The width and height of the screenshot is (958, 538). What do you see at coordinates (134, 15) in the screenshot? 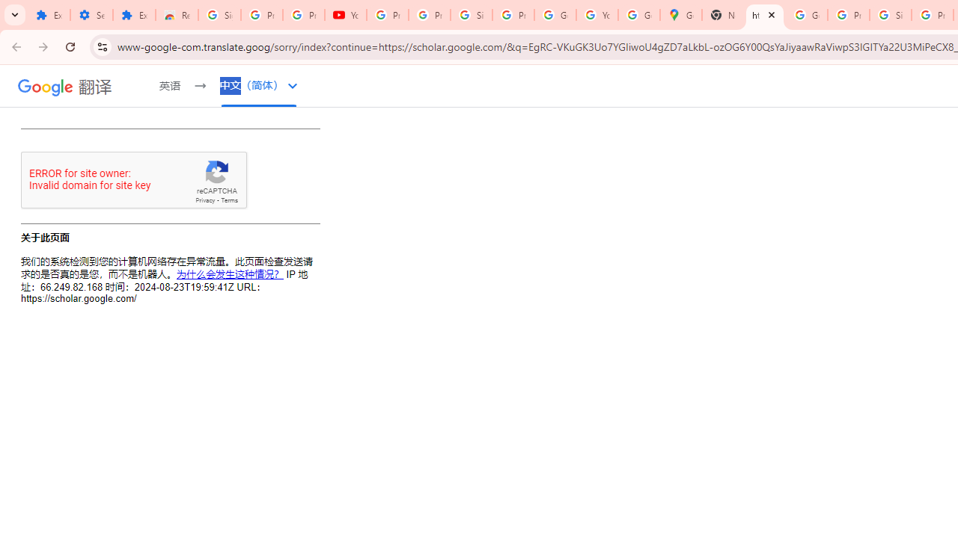
I see `'Extensions'` at bounding box center [134, 15].